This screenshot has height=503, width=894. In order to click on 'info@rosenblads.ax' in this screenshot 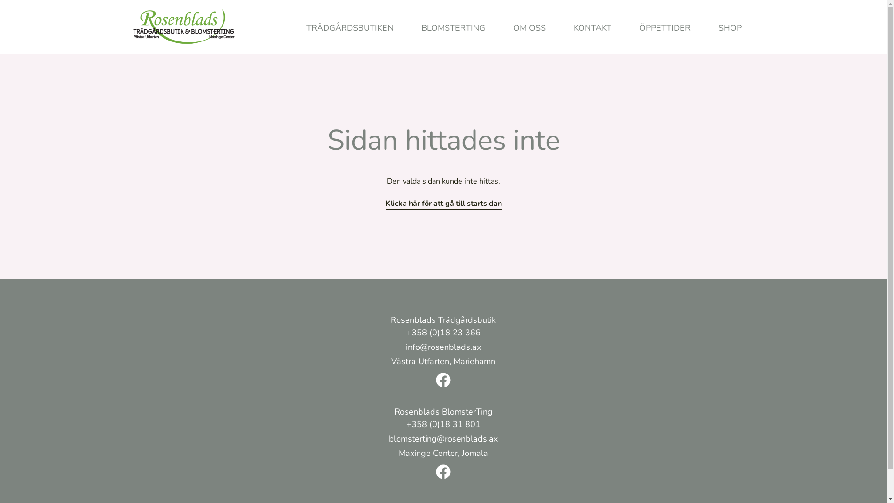, I will do `click(443, 348)`.